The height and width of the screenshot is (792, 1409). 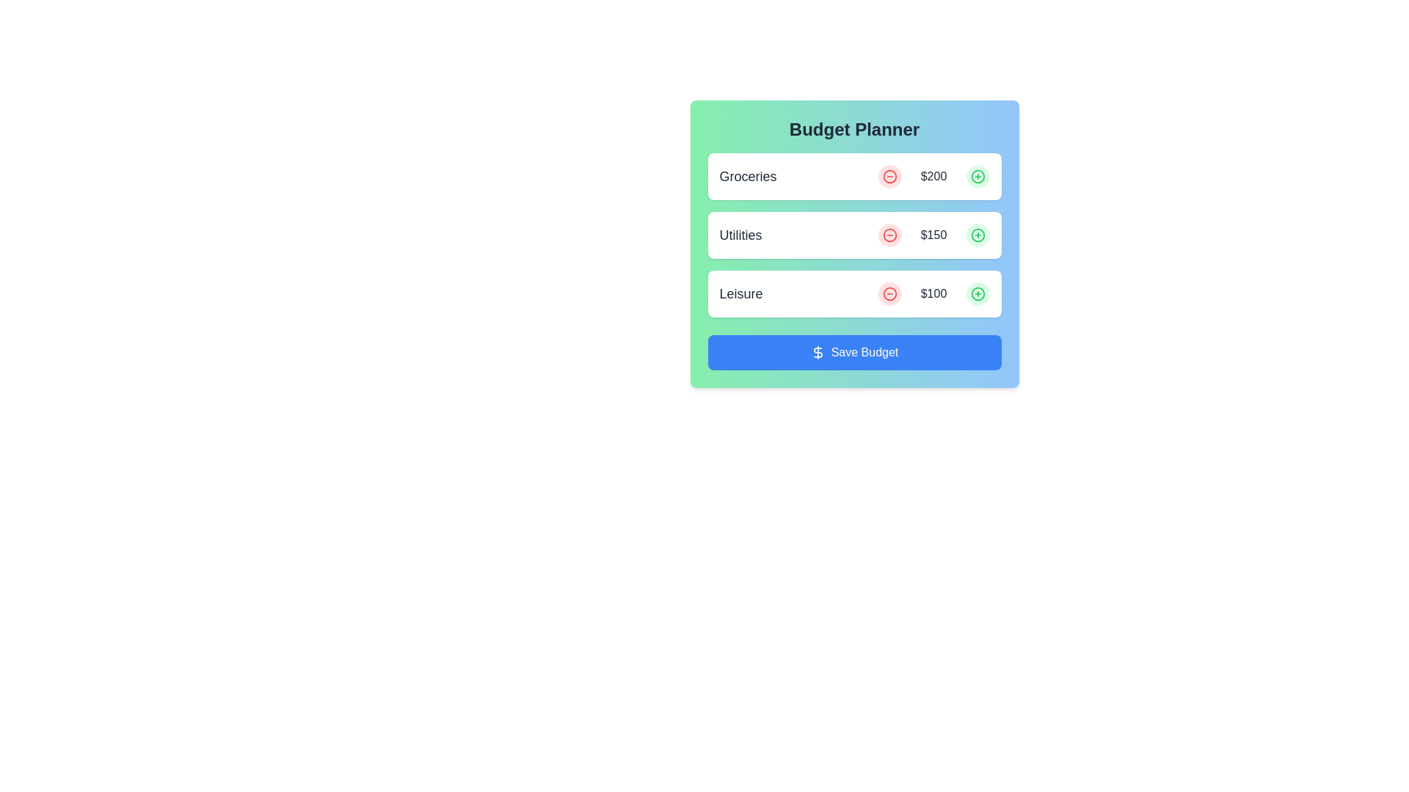 I want to click on the circular minus button outlined in red, located in the second row of the 'Utilities' list, so click(x=889, y=234).